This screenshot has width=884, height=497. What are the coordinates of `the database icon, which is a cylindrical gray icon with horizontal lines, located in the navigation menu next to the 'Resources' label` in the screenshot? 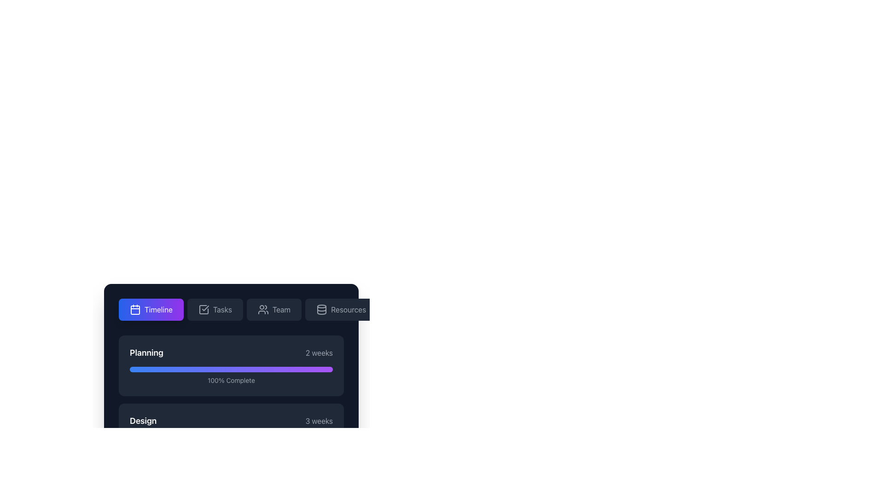 It's located at (322, 309).